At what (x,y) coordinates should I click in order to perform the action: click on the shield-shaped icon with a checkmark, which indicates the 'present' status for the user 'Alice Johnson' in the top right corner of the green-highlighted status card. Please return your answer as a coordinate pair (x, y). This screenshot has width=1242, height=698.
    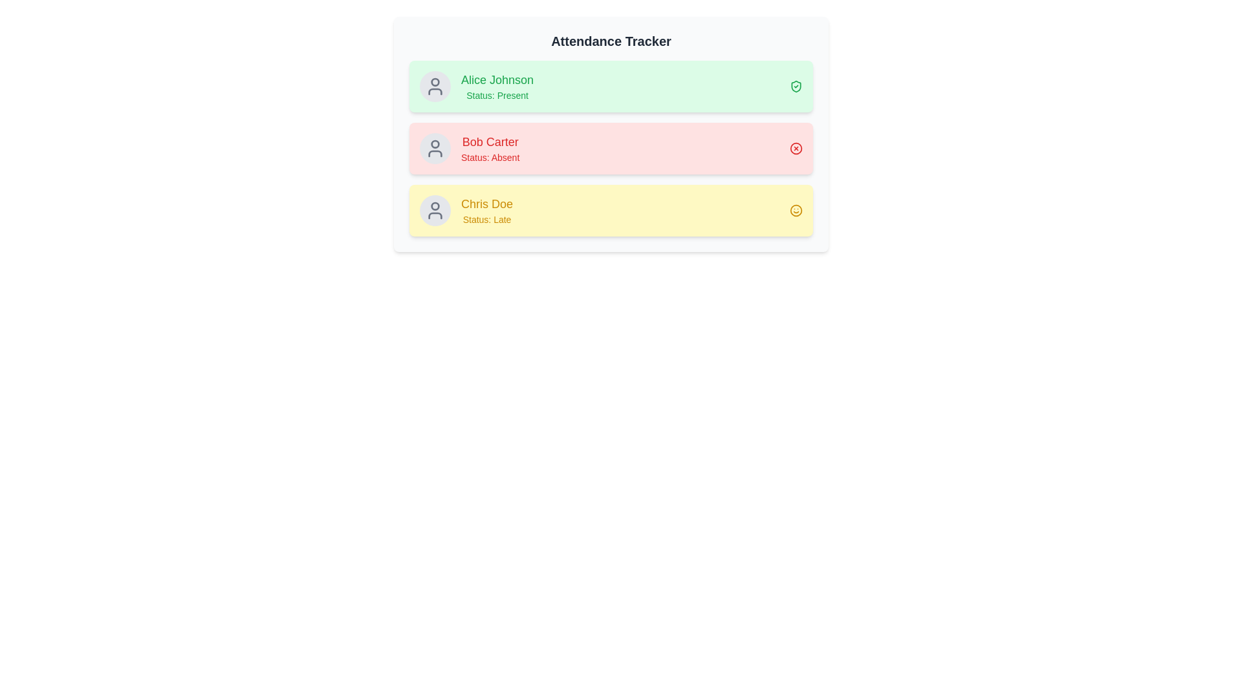
    Looking at the image, I should click on (795, 87).